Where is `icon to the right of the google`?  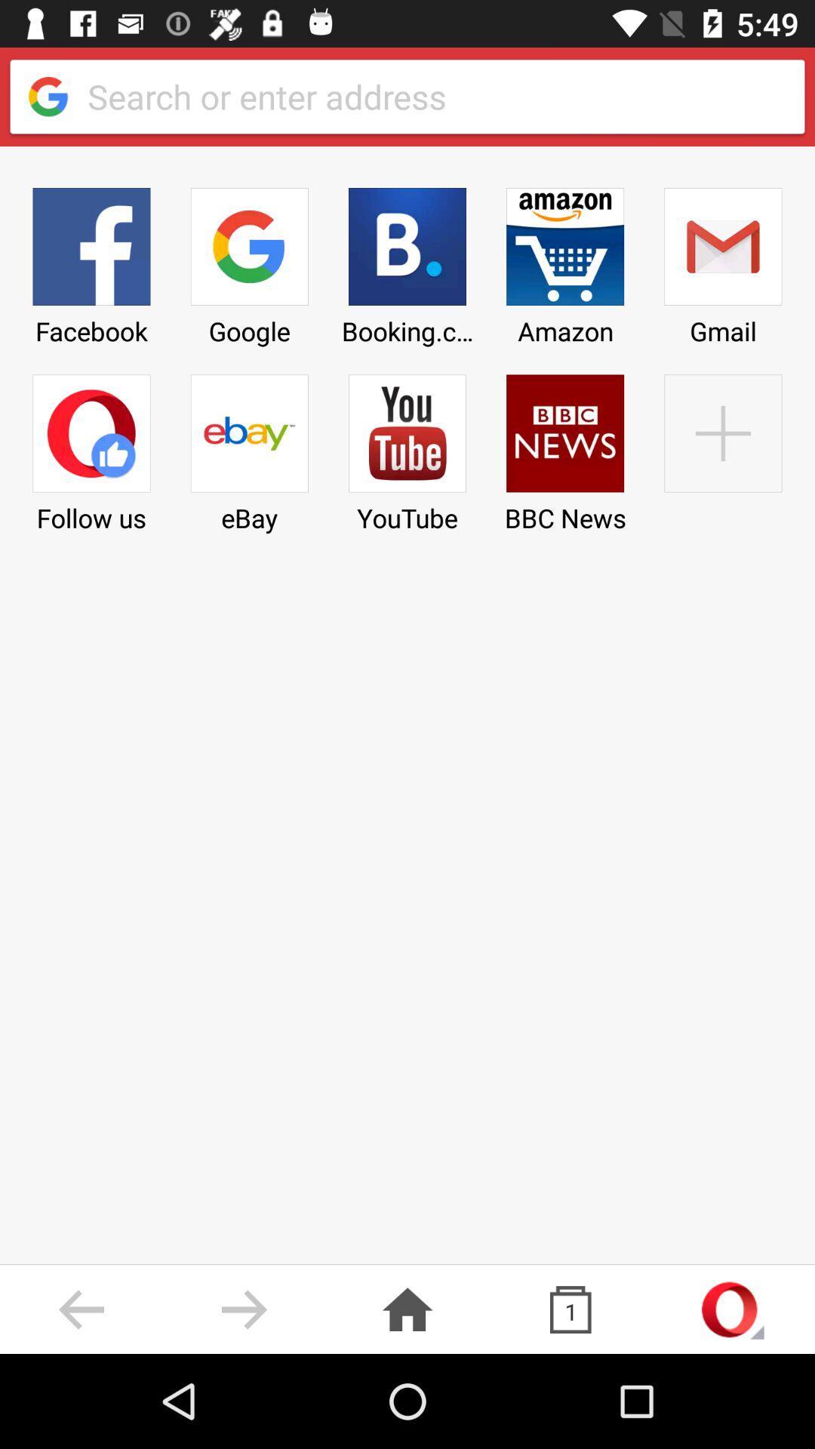
icon to the right of the google is located at coordinates (407, 261).